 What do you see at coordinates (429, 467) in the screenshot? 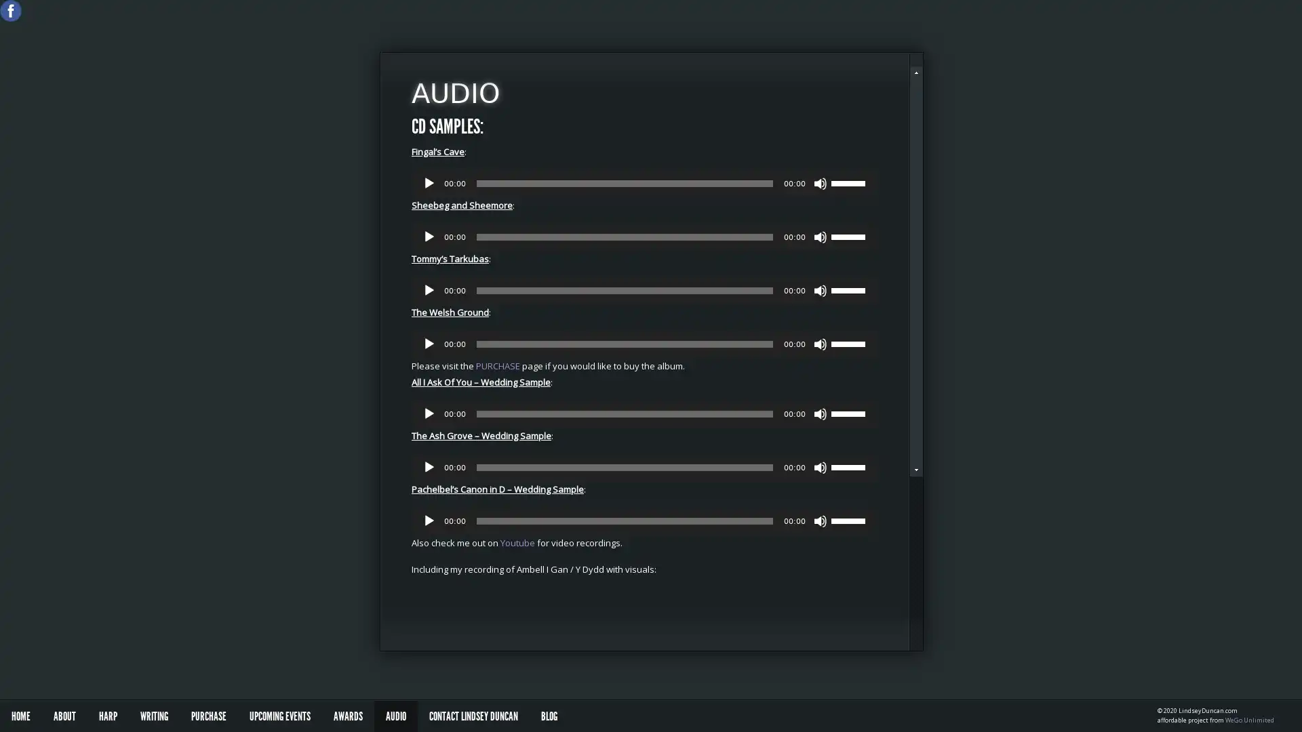
I see `Play` at bounding box center [429, 467].